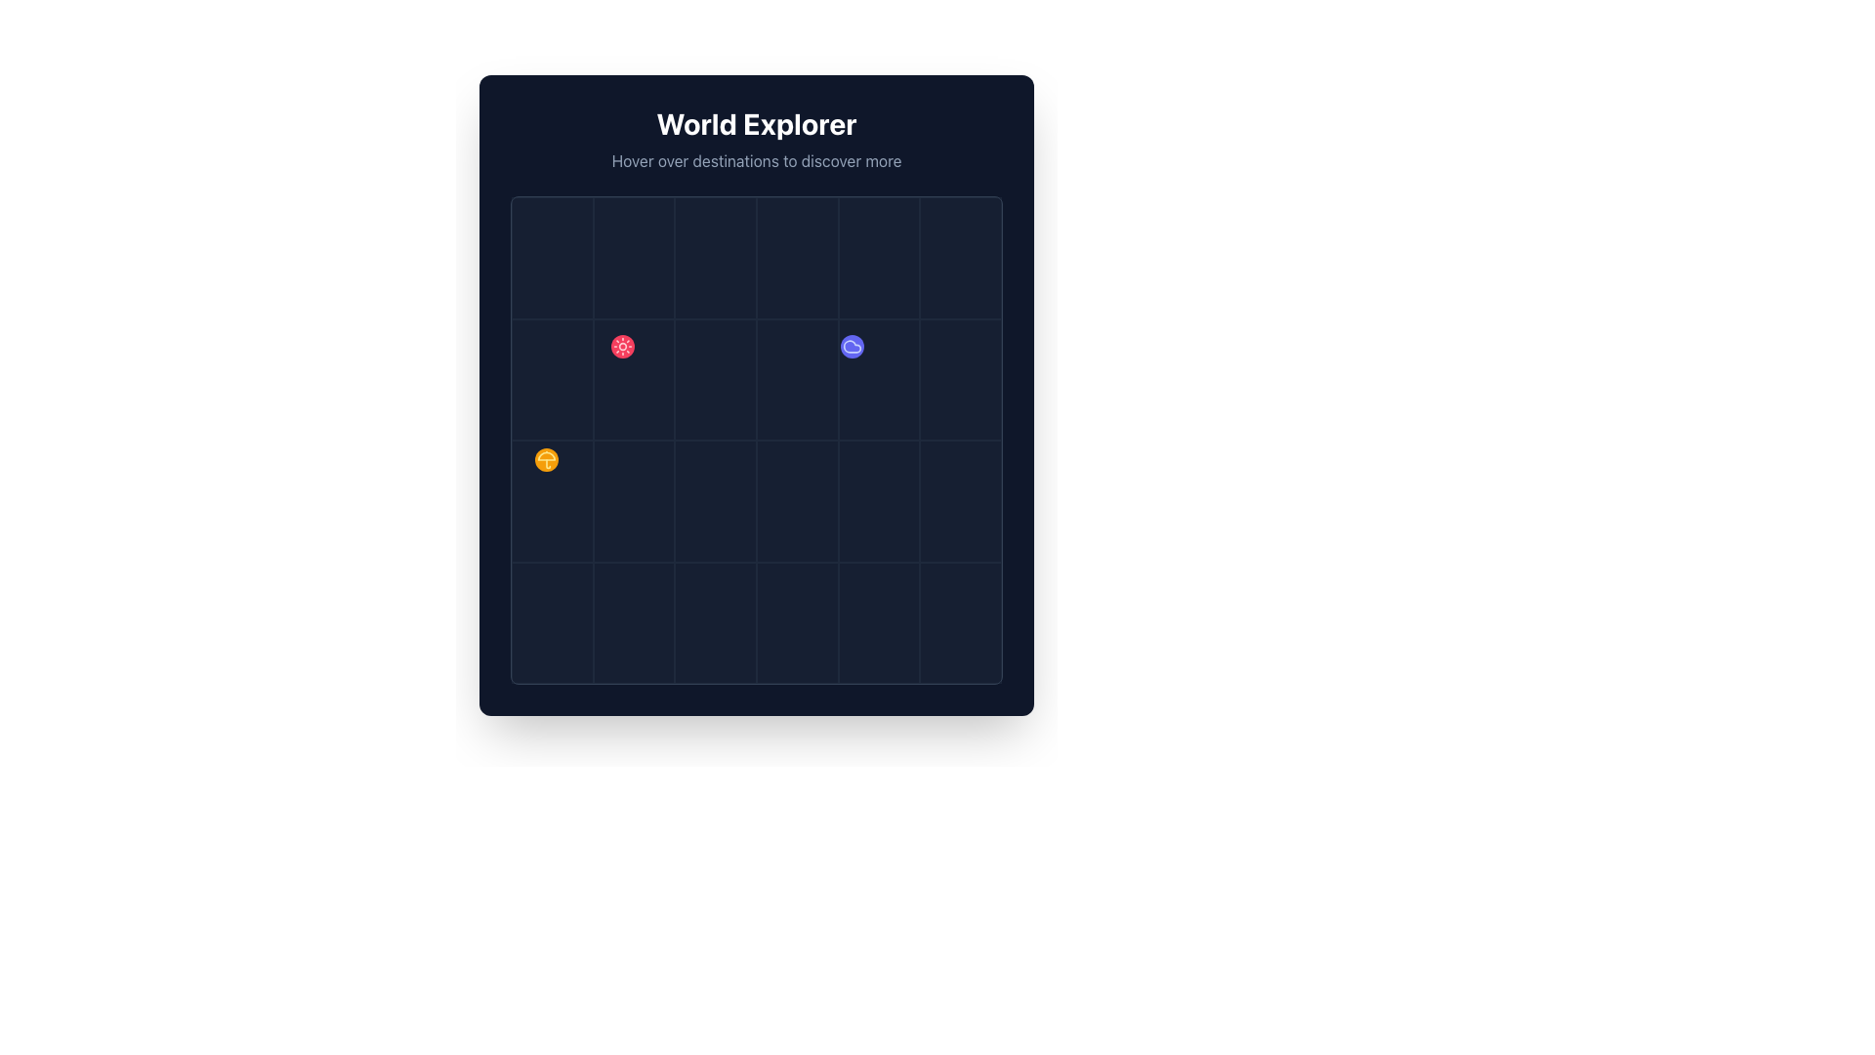 This screenshot has width=1875, height=1055. Describe the element at coordinates (797, 500) in the screenshot. I see `the grid cell located in the third column and third row of a 6-column and 4-row grid layout to interact with potential content` at that location.